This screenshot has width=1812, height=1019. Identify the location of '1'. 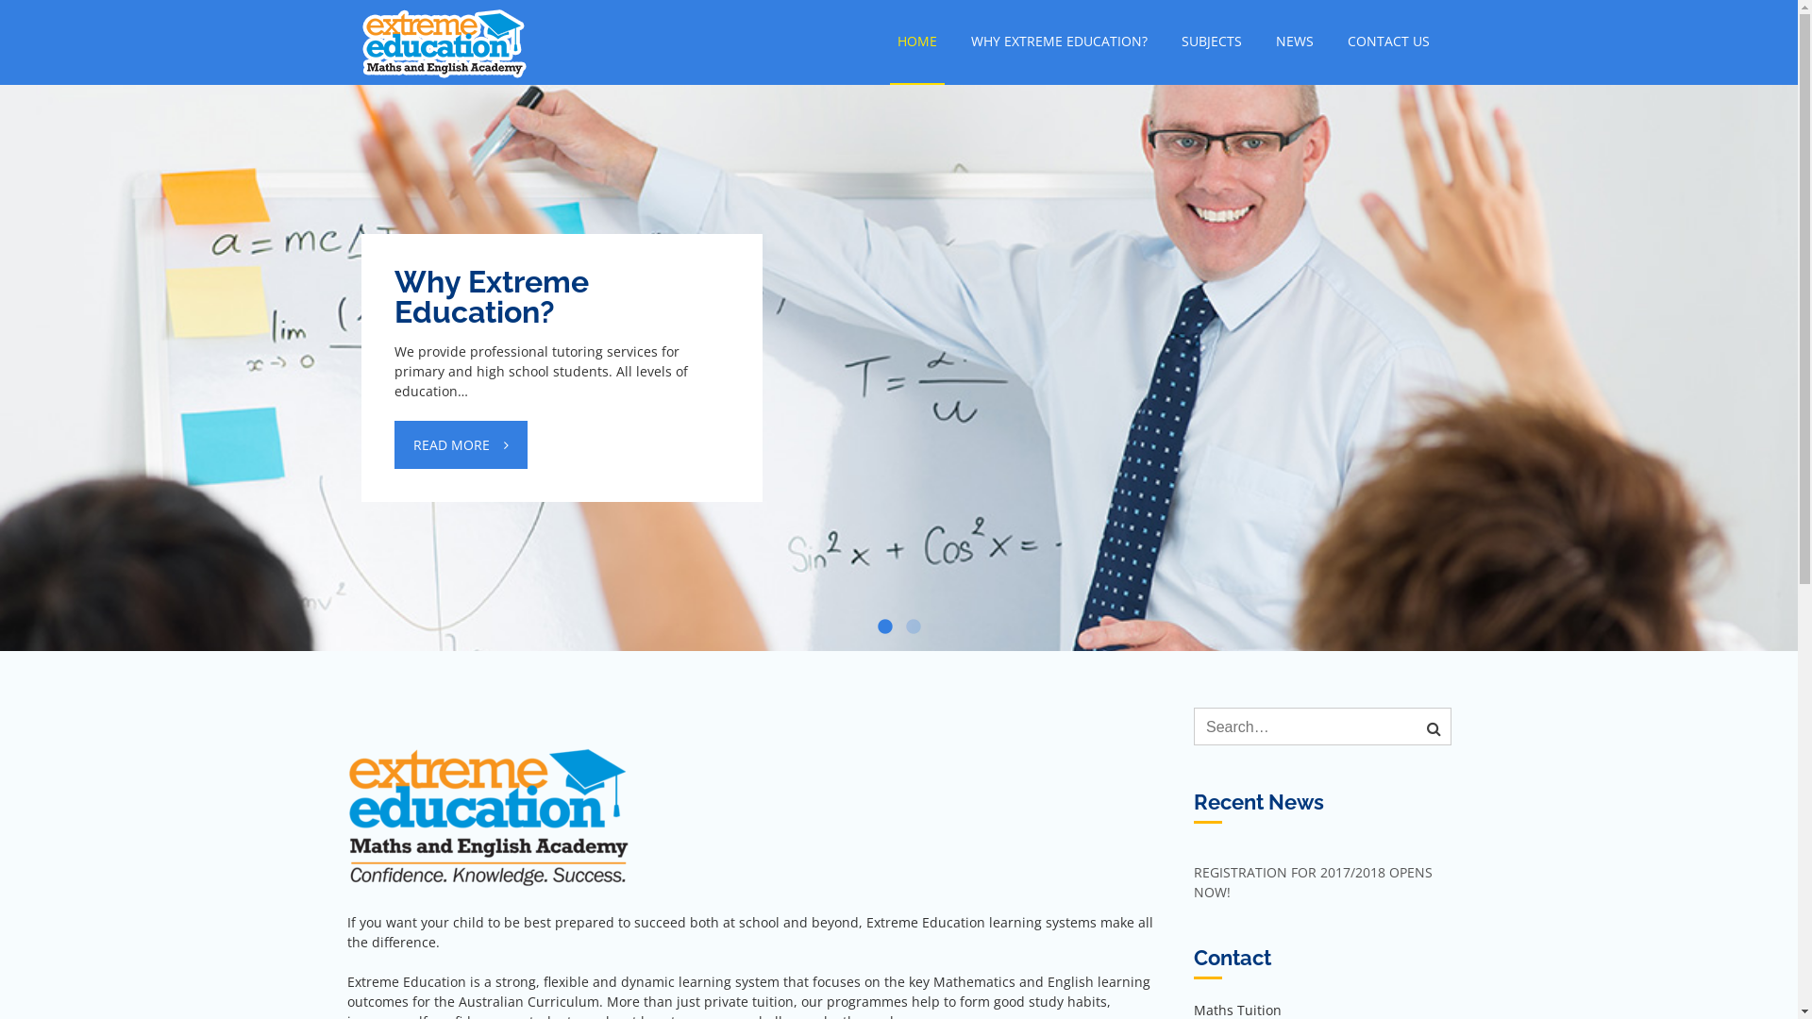
(883, 626).